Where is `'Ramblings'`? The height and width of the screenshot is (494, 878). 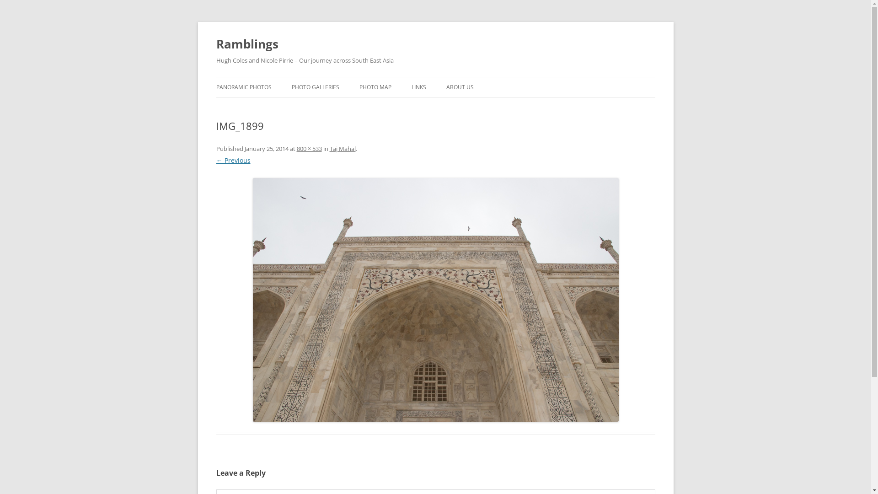 'Ramblings' is located at coordinates (246, 44).